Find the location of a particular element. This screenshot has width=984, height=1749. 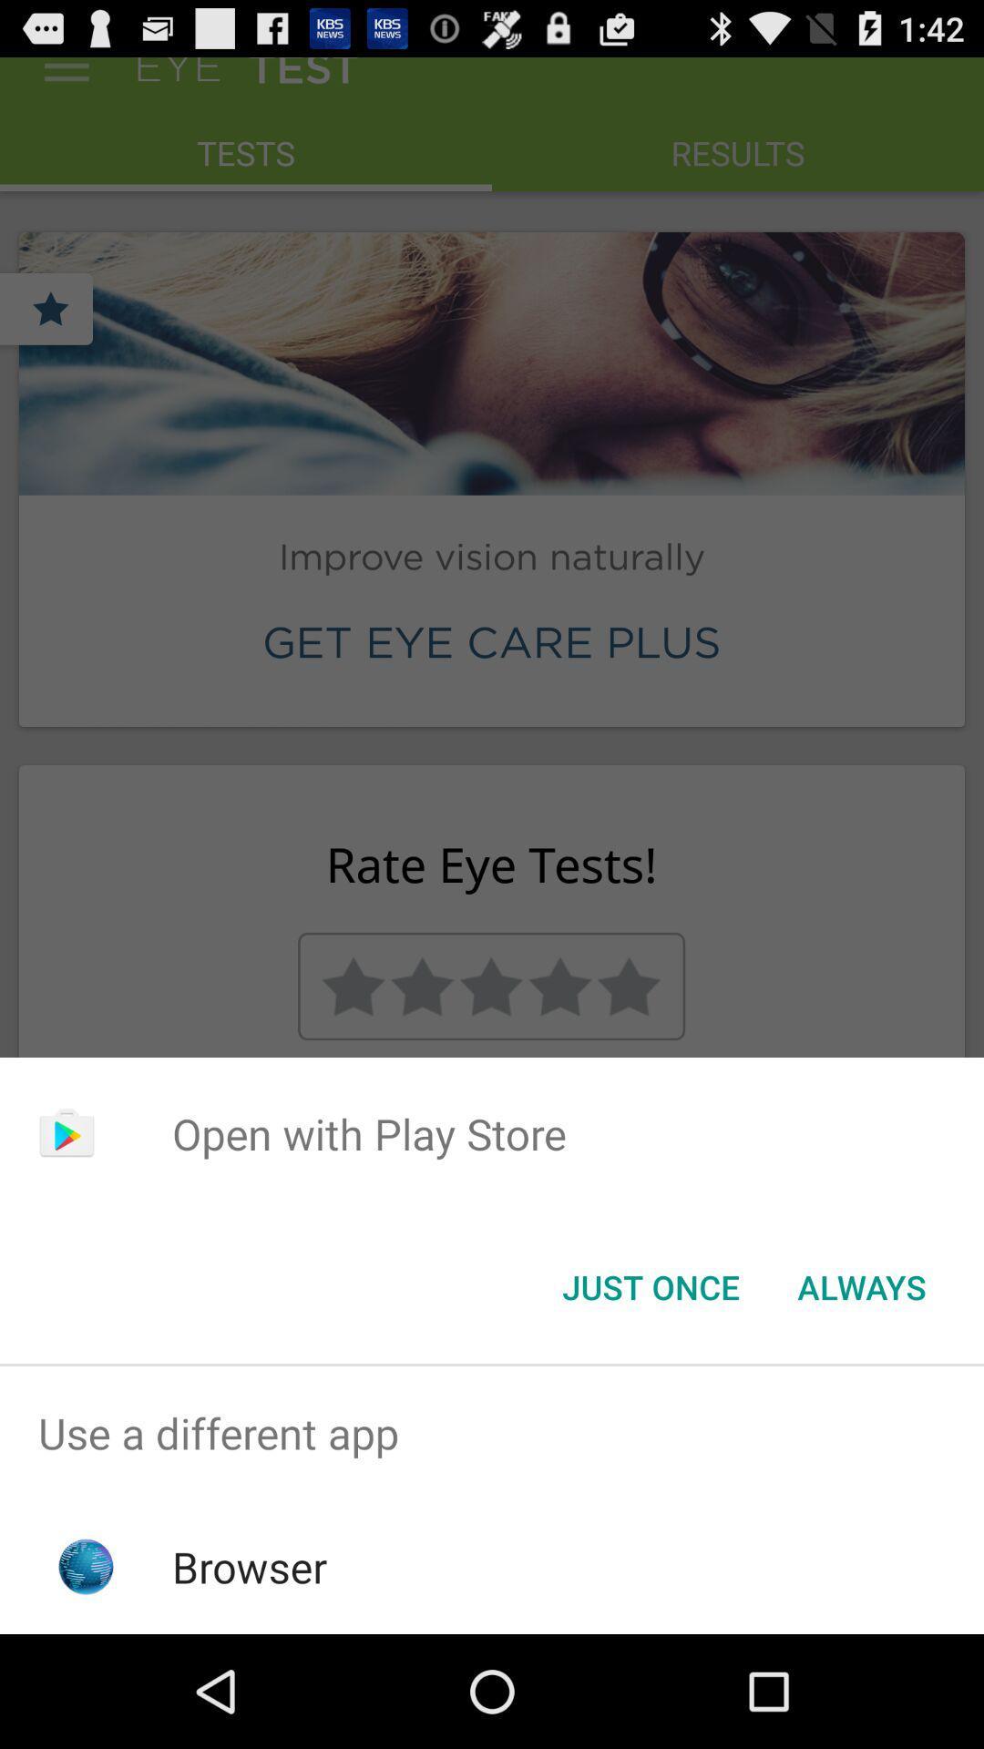

use a different is located at coordinates (492, 1432).